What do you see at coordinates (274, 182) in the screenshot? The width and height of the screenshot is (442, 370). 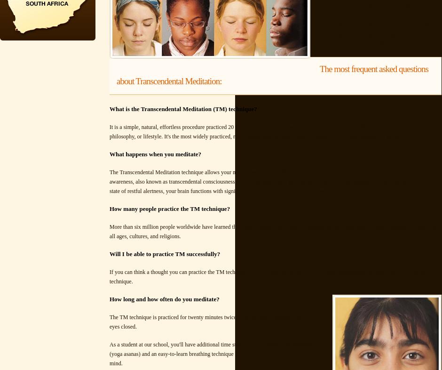 I see `'The Transcendental Meditation technique allows your mind to settle inward beyond thought to experience the source of thought — pure awareness, also known as transcendental consciousness. This is the most silent and peaceful level of consciousness — your innermost Self. In this state of restful alertness, your brain functions with significantly greater coherence and your body gains deep rest.'` at bounding box center [274, 182].